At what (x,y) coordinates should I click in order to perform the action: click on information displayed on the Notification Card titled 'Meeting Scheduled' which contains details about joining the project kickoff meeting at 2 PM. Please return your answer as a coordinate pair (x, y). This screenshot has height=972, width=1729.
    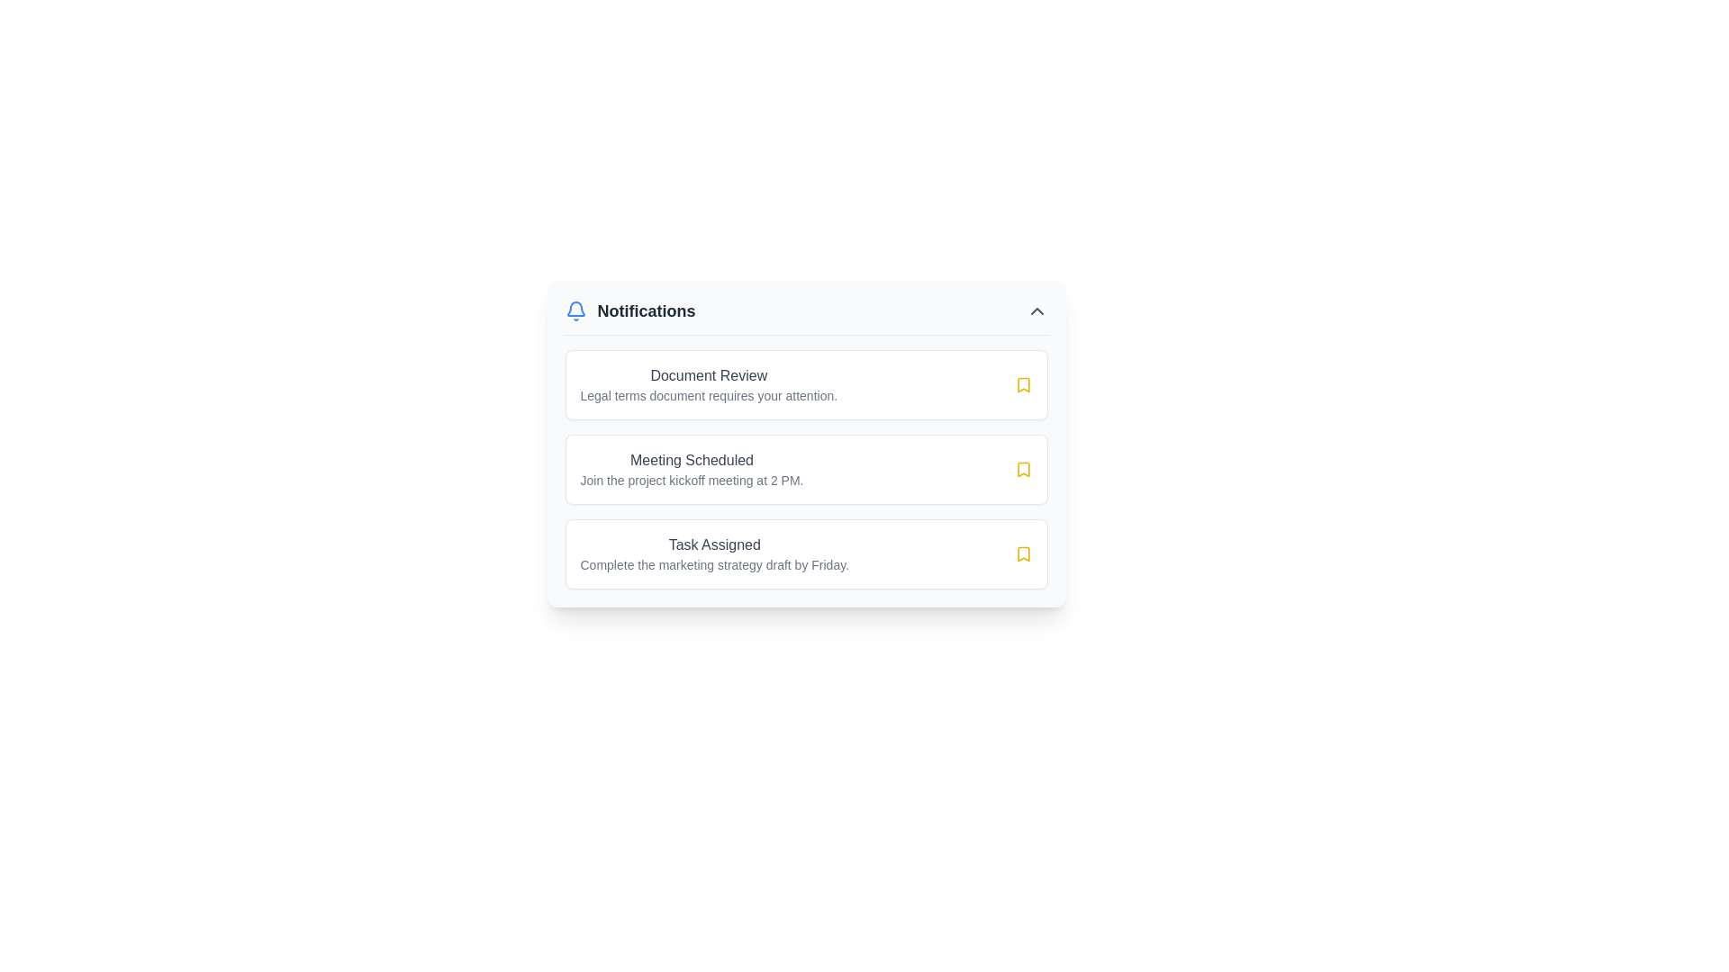
    Looking at the image, I should click on (691, 468).